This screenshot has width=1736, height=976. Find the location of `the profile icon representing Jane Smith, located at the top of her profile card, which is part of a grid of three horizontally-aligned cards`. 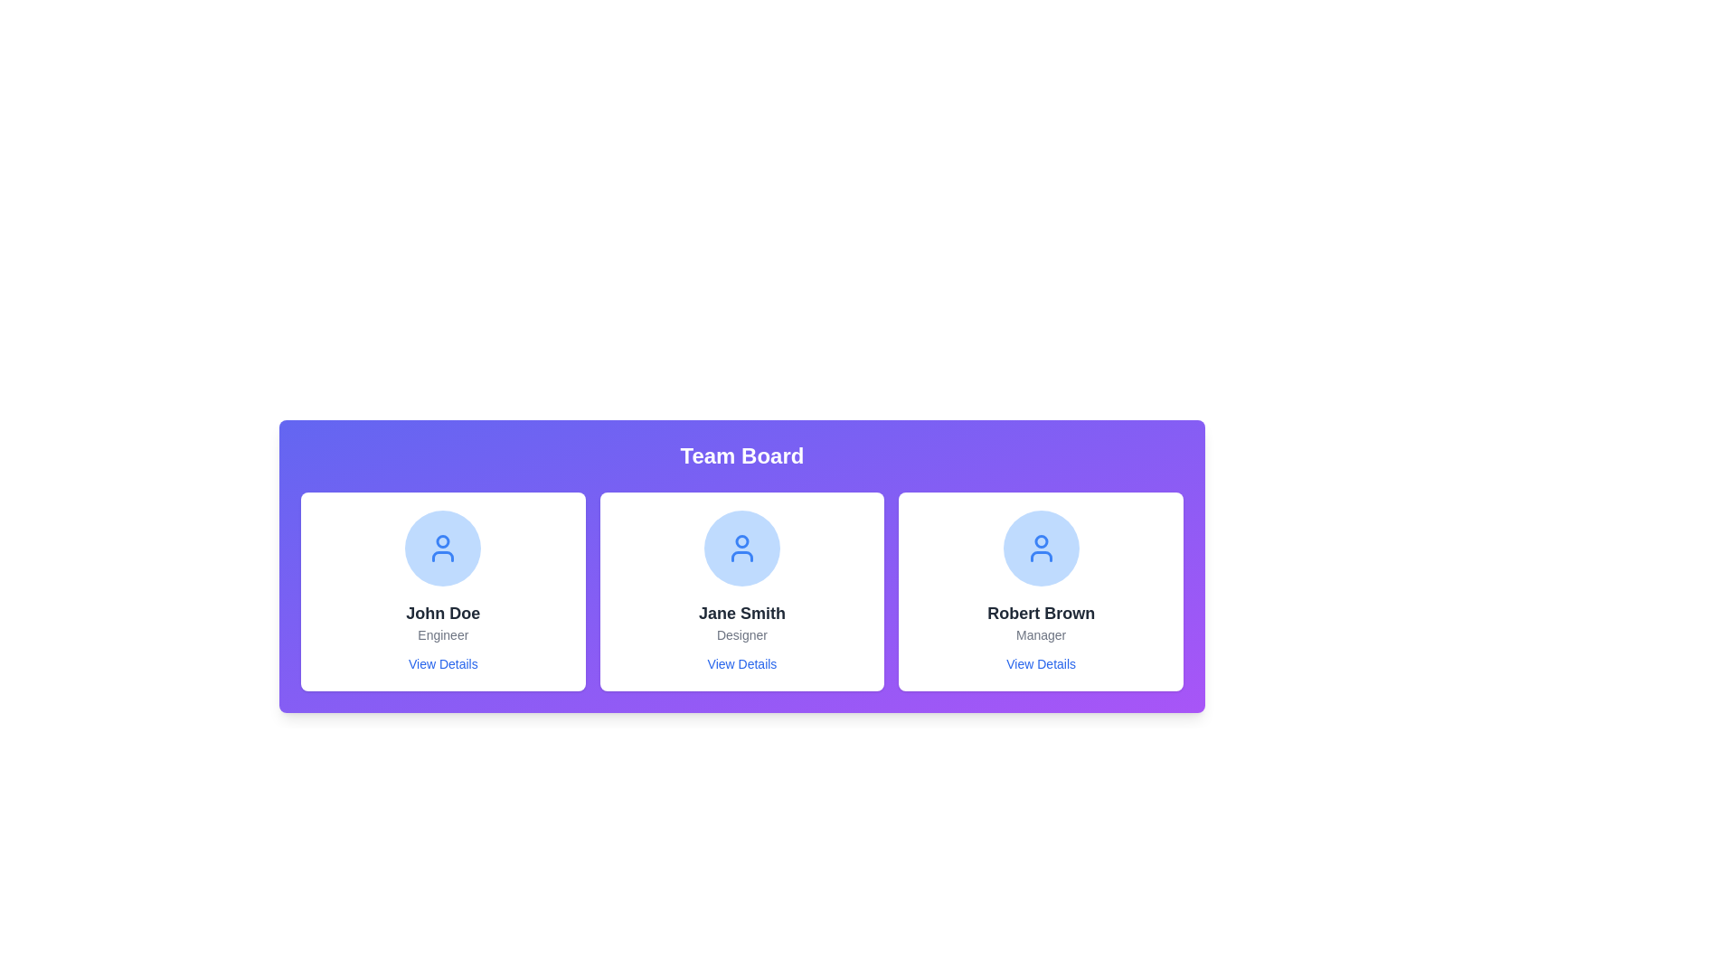

the profile icon representing Jane Smith, located at the top of her profile card, which is part of a grid of three horizontally-aligned cards is located at coordinates (741, 547).